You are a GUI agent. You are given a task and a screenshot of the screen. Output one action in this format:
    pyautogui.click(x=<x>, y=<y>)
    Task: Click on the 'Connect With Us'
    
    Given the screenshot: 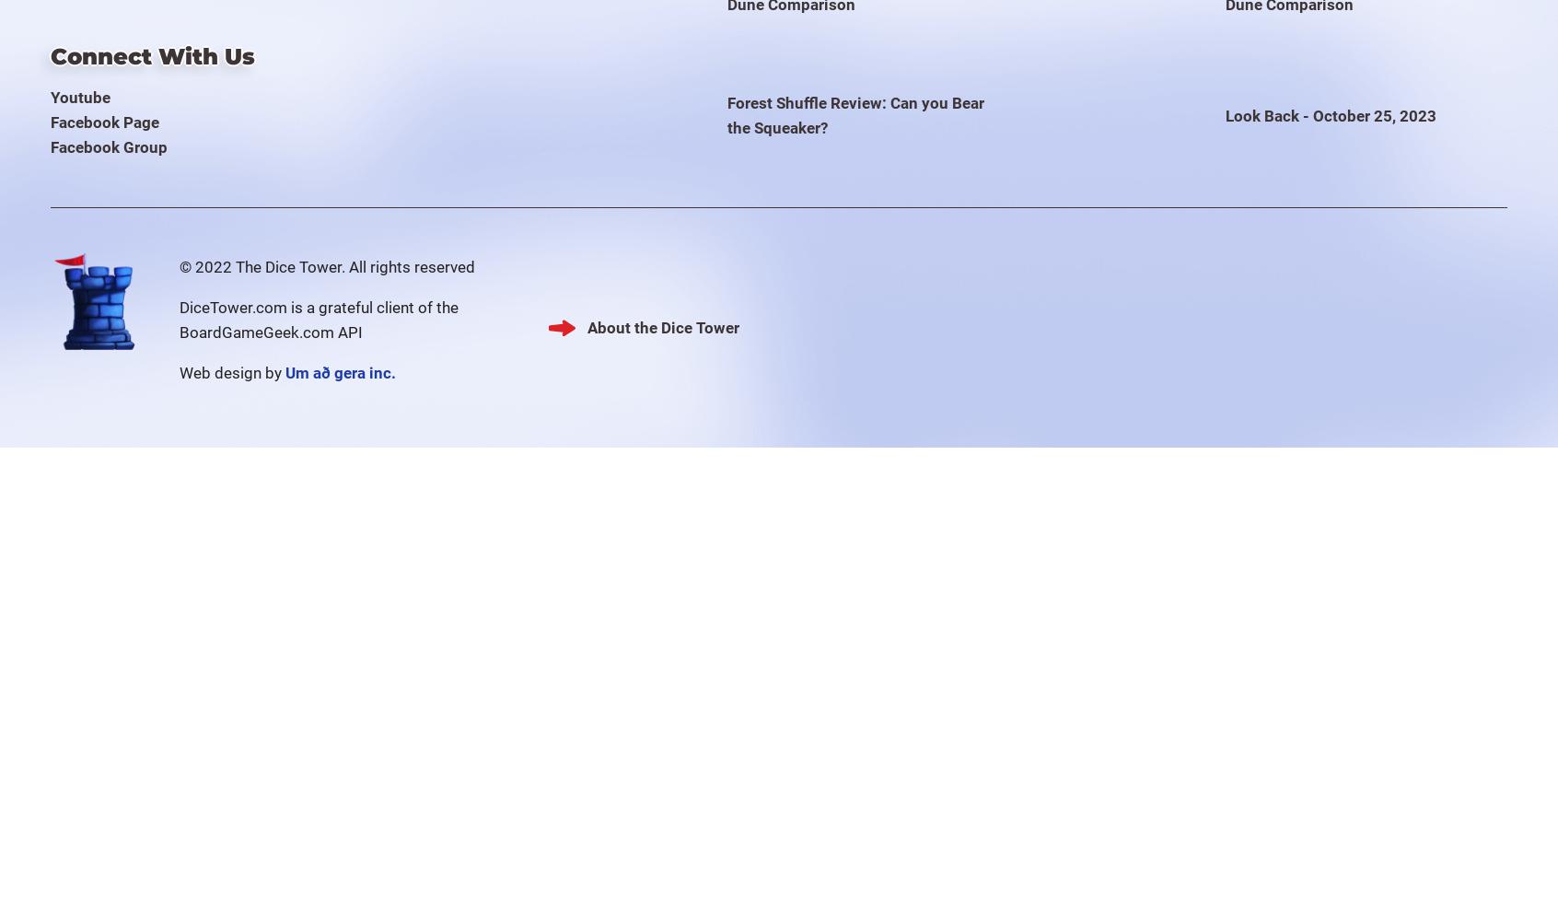 What is the action you would take?
    pyautogui.click(x=150, y=56)
    